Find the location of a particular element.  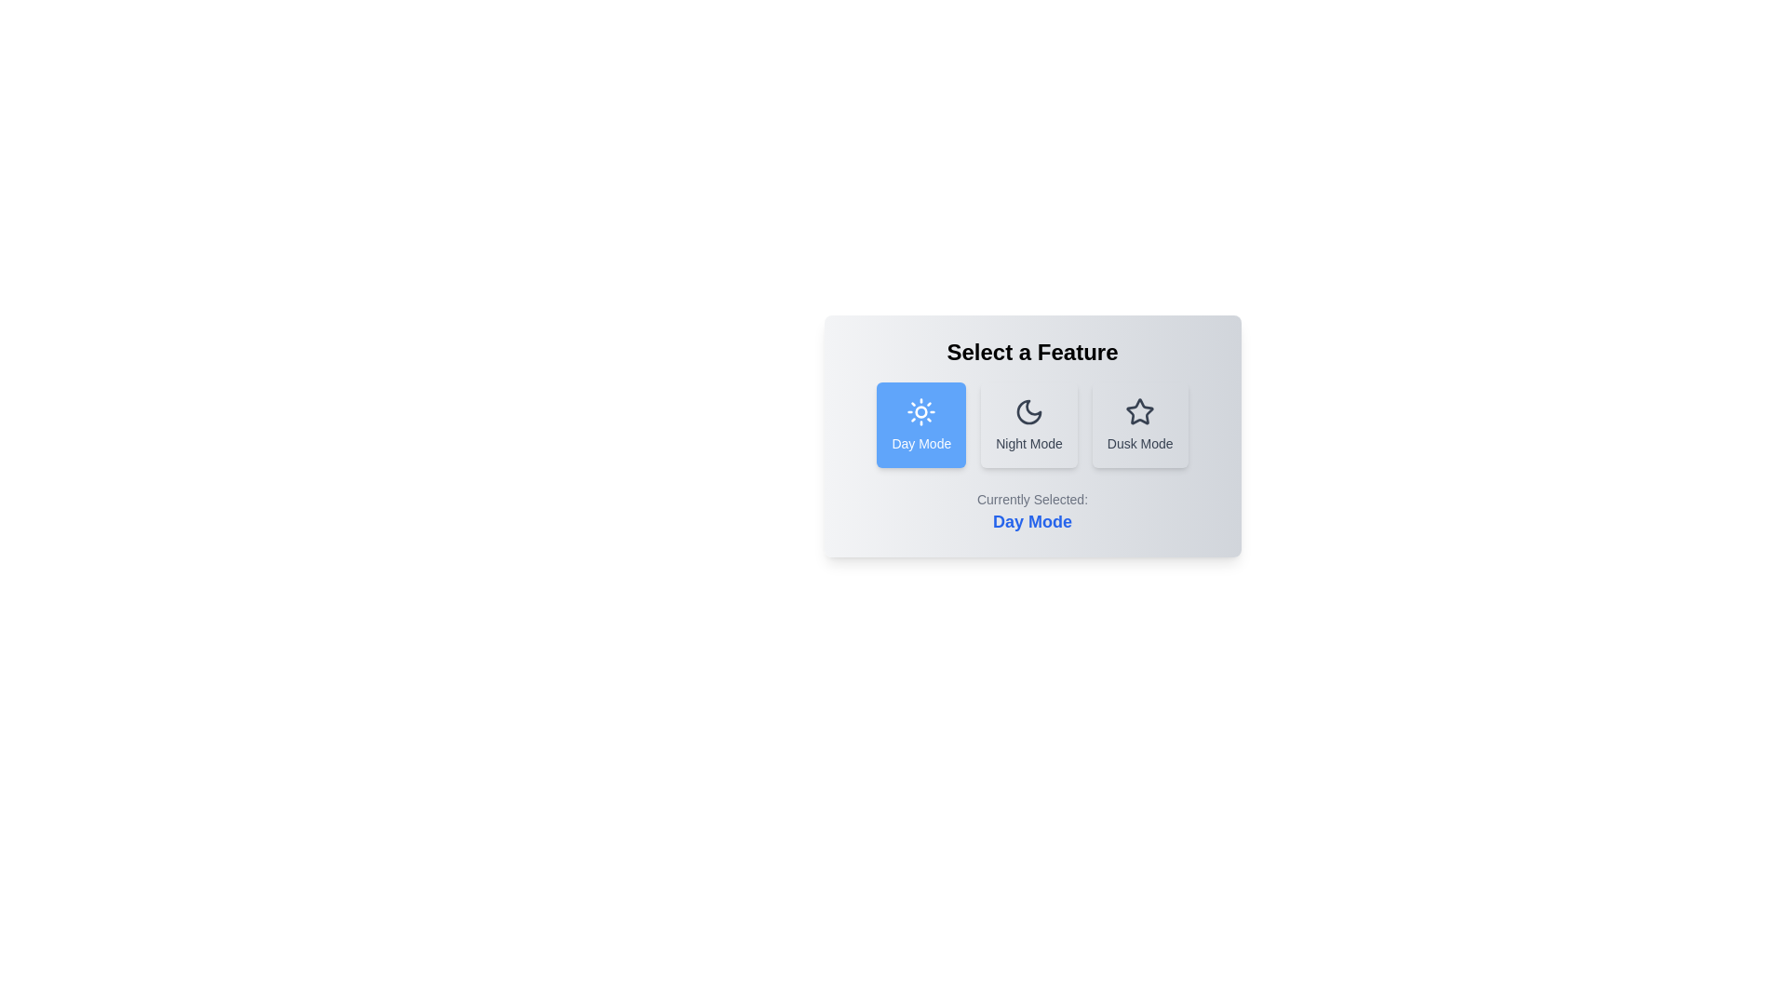

the icon of the button labeled Dusk Mode is located at coordinates (1139, 411).